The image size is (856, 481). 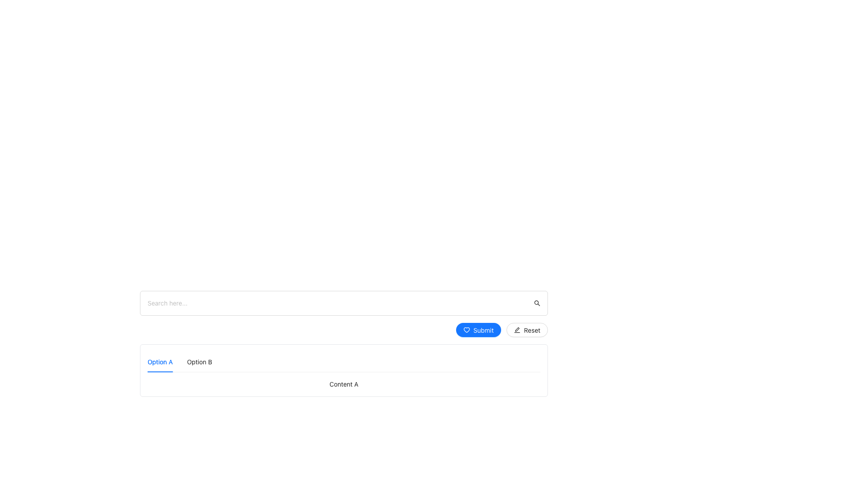 I want to click on the pencil-shaped icon that is part of the 'Reset' button, located to the right of the 'Submit' button, so click(x=517, y=330).